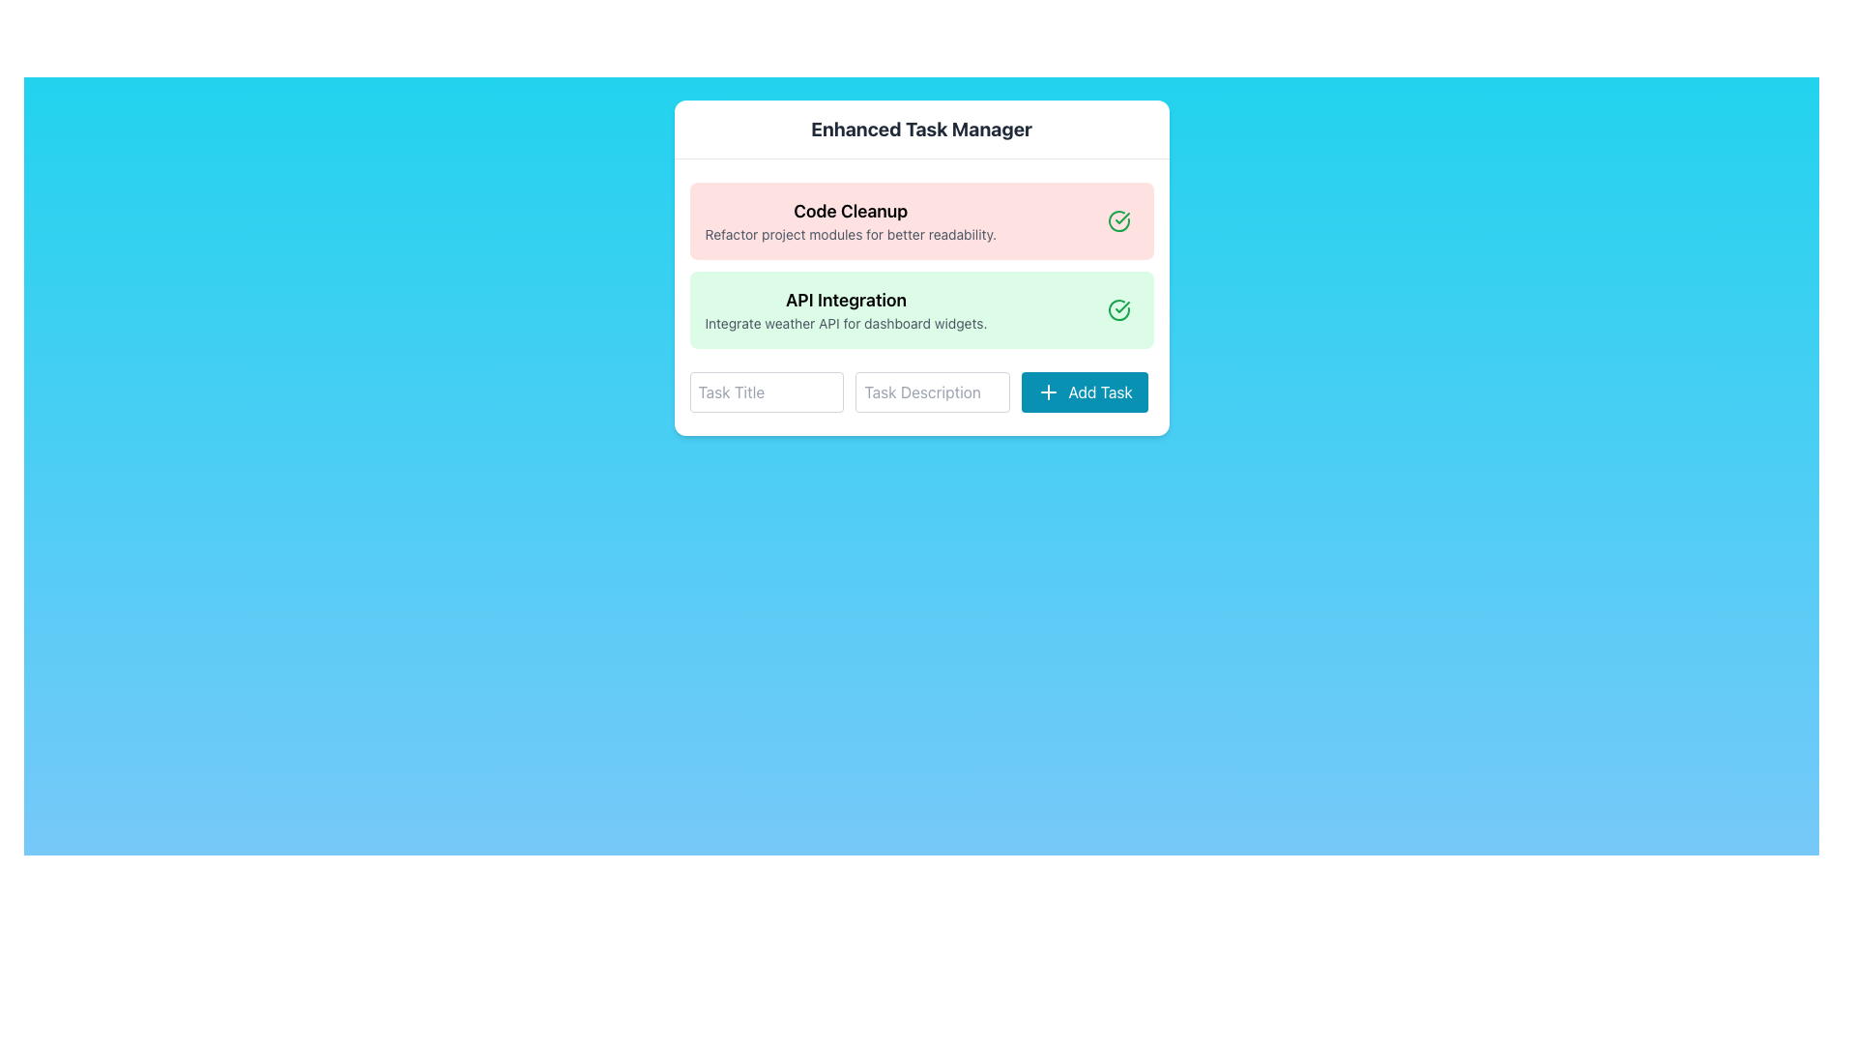  What do you see at coordinates (846, 301) in the screenshot?
I see `the prominent text label 'API Integration' which is styled in a large bold font and located centrally within its task card` at bounding box center [846, 301].